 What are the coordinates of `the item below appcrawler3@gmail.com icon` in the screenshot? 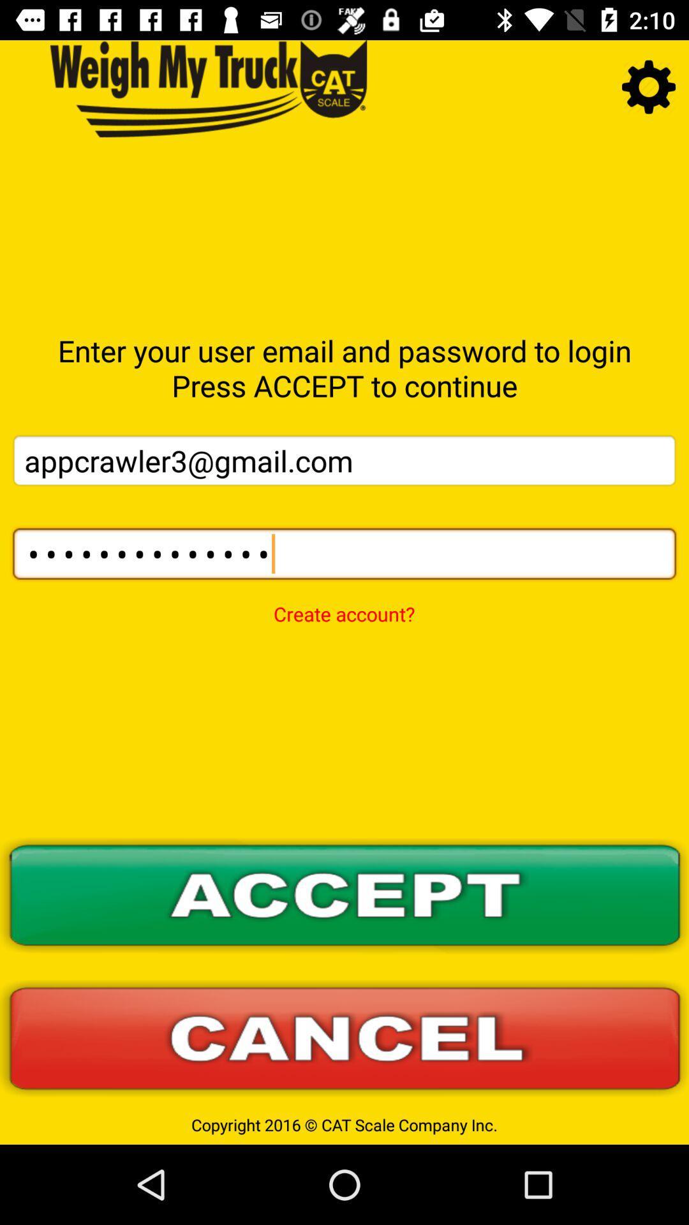 It's located at (344, 554).